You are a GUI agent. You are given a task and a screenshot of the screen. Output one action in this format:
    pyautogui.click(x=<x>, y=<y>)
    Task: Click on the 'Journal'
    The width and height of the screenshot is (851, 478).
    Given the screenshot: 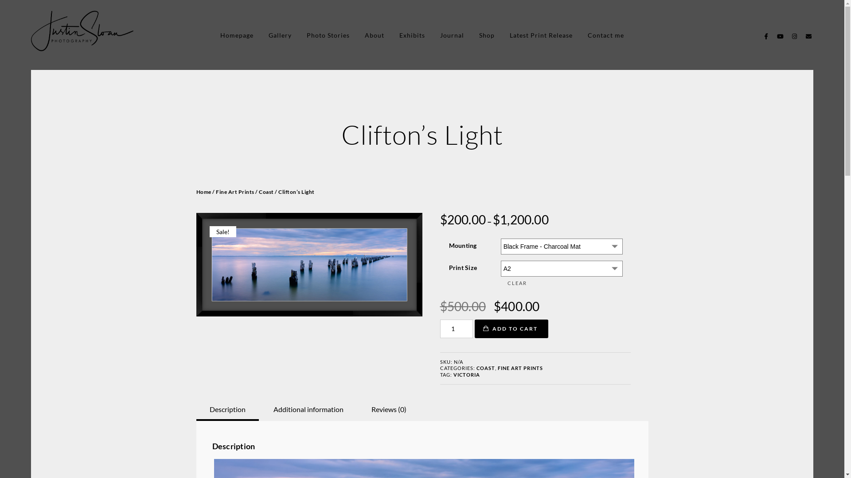 What is the action you would take?
    pyautogui.click(x=452, y=35)
    